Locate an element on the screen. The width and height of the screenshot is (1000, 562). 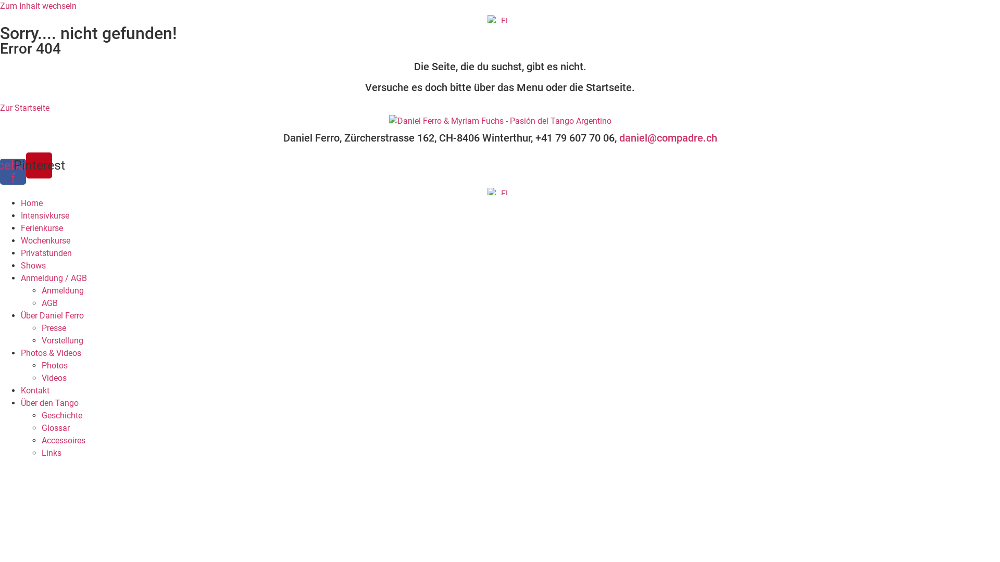
'Geschichte' is located at coordinates (61, 415).